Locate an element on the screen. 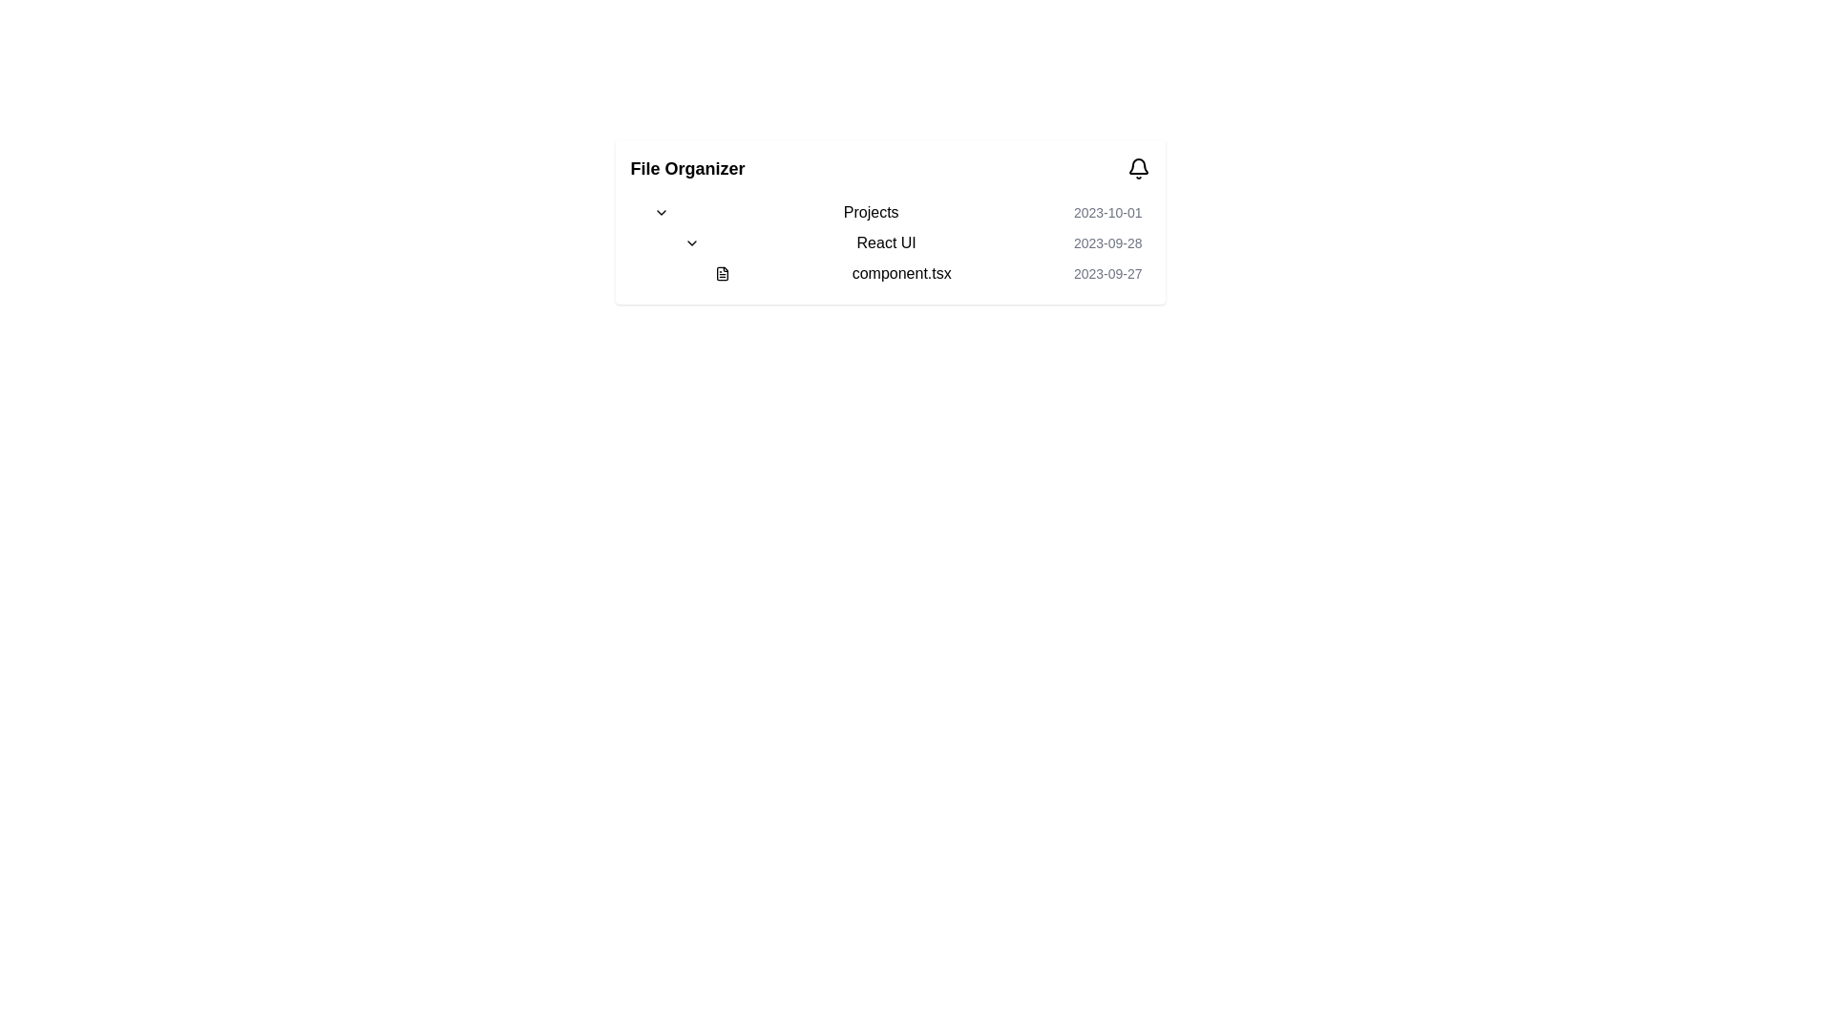 The image size is (1833, 1031). the first list item labeled 'Projects' in the 'File Organizer' section is located at coordinates (896, 213).